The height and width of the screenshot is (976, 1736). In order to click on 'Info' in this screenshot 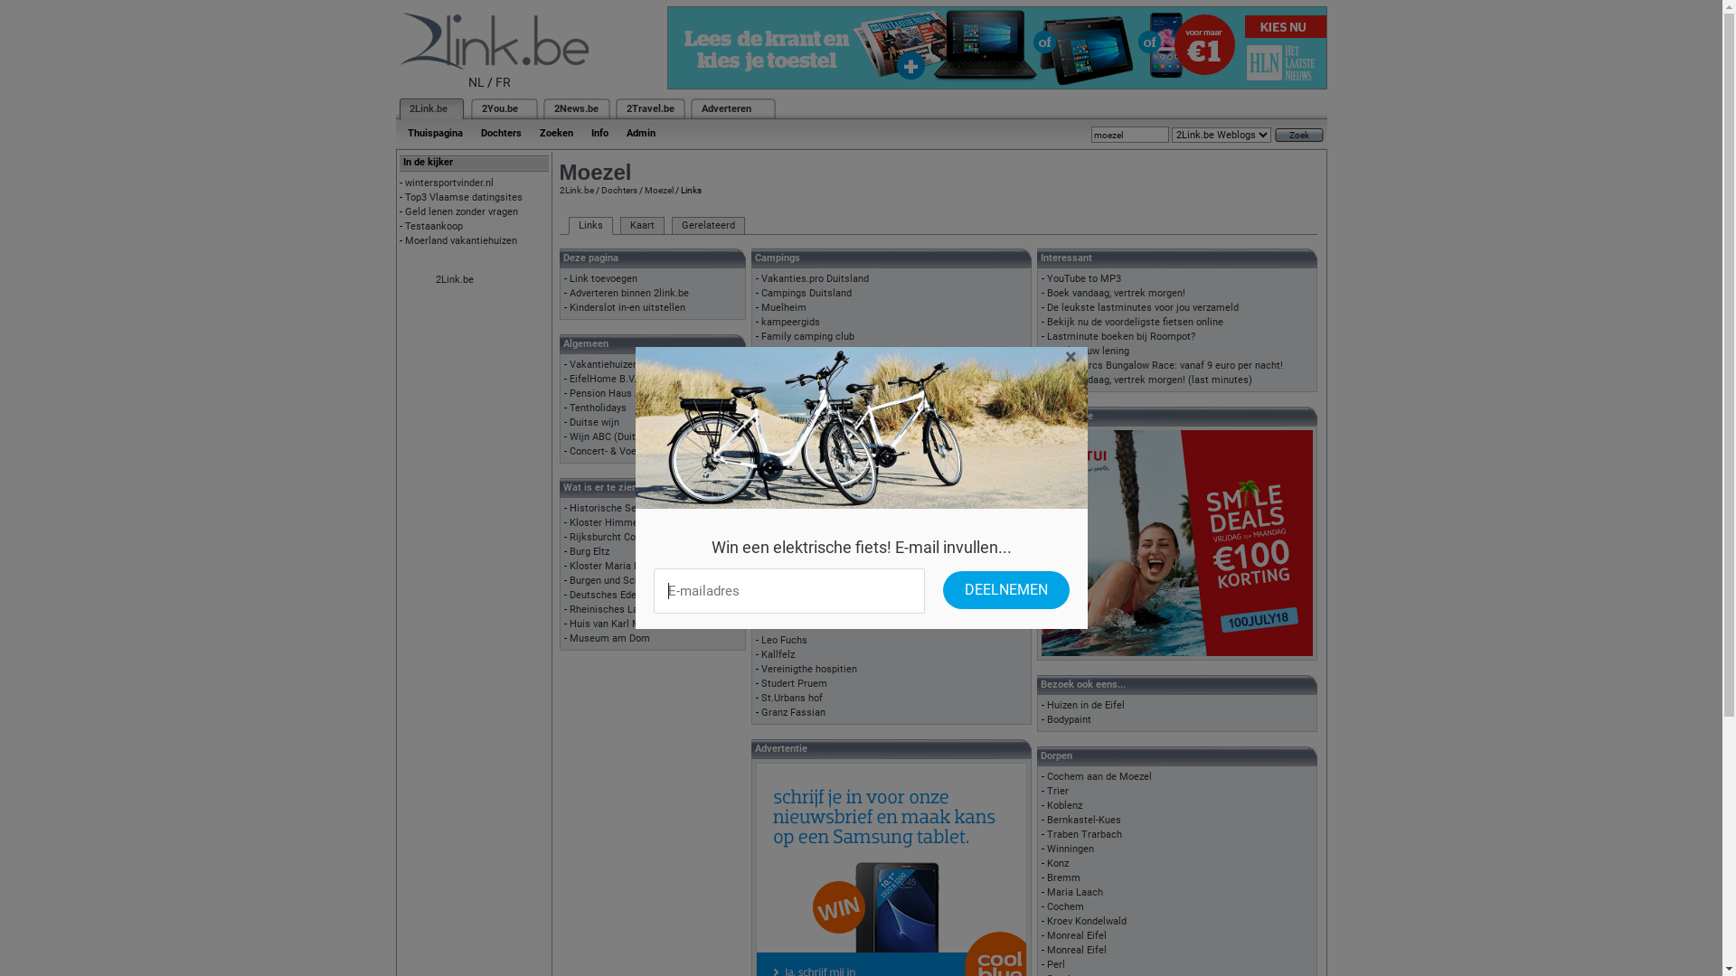, I will do `click(599, 132)`.